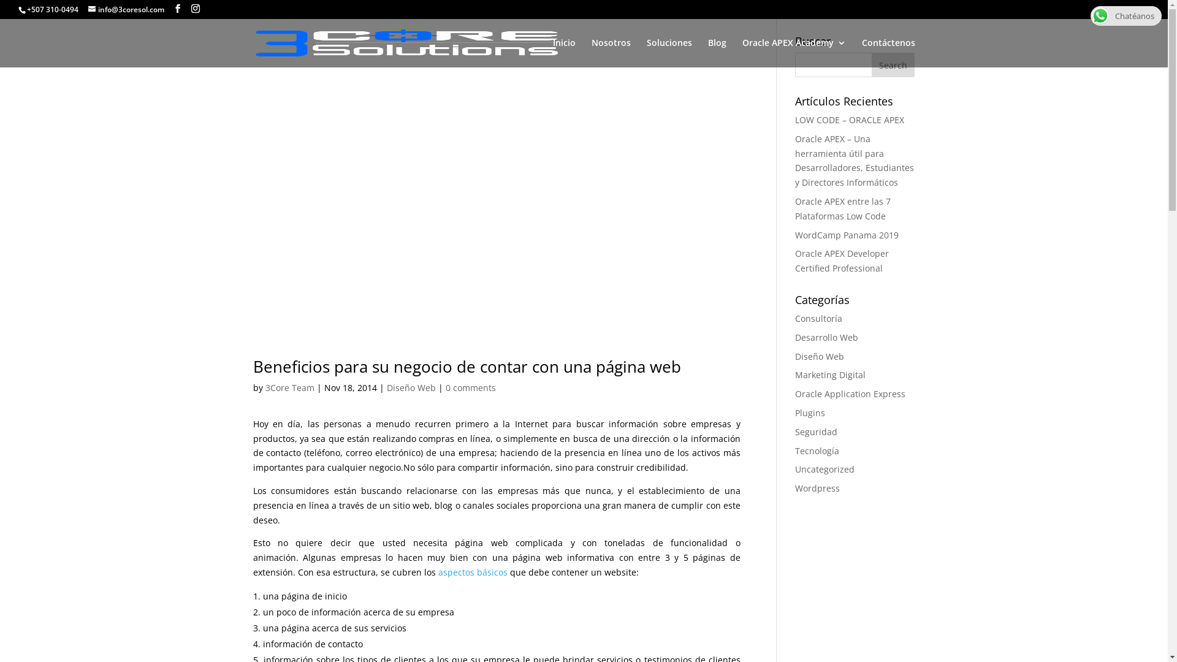 The width and height of the screenshot is (1177, 662). I want to click on 'Soluciones', so click(646, 52).